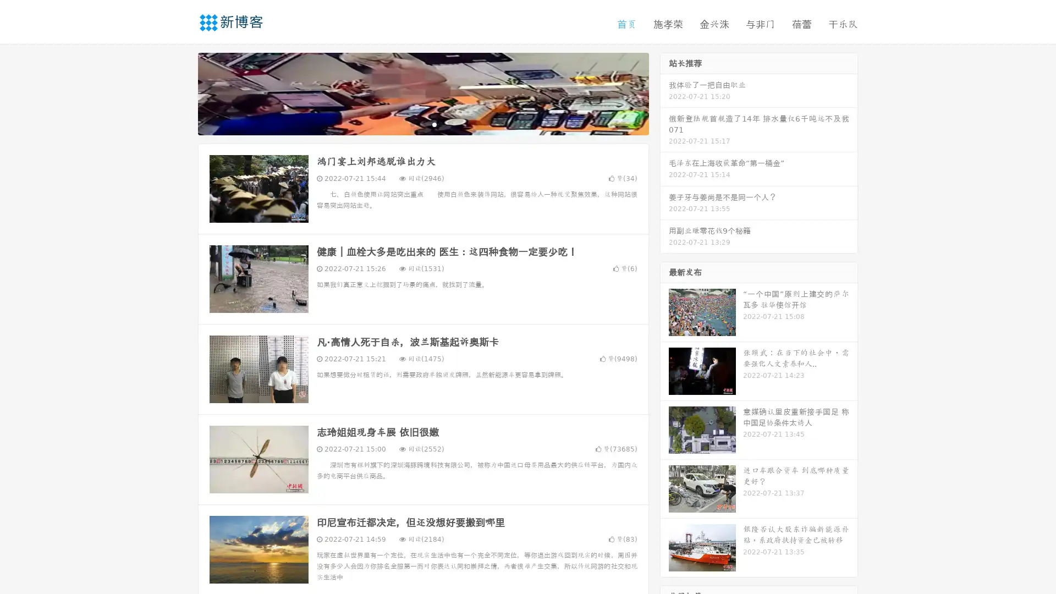  What do you see at coordinates (422, 124) in the screenshot?
I see `Go to slide 2` at bounding box center [422, 124].